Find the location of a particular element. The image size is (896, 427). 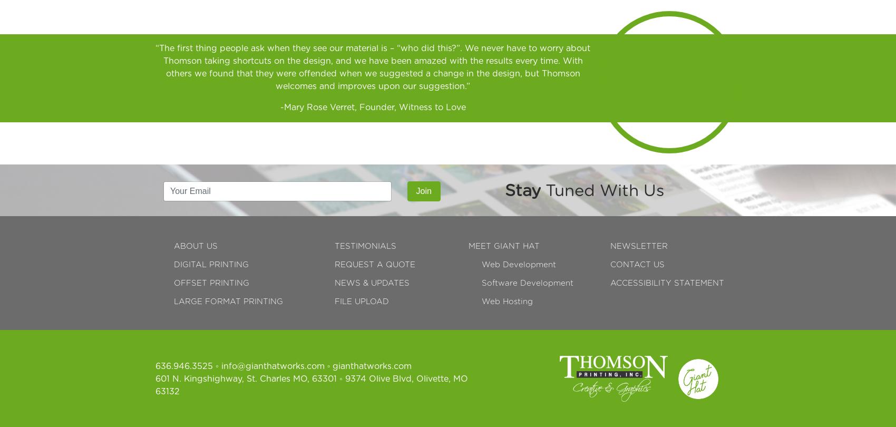

'-Mary Rose Verret, Founder, Witness to Love' is located at coordinates (373, 106).